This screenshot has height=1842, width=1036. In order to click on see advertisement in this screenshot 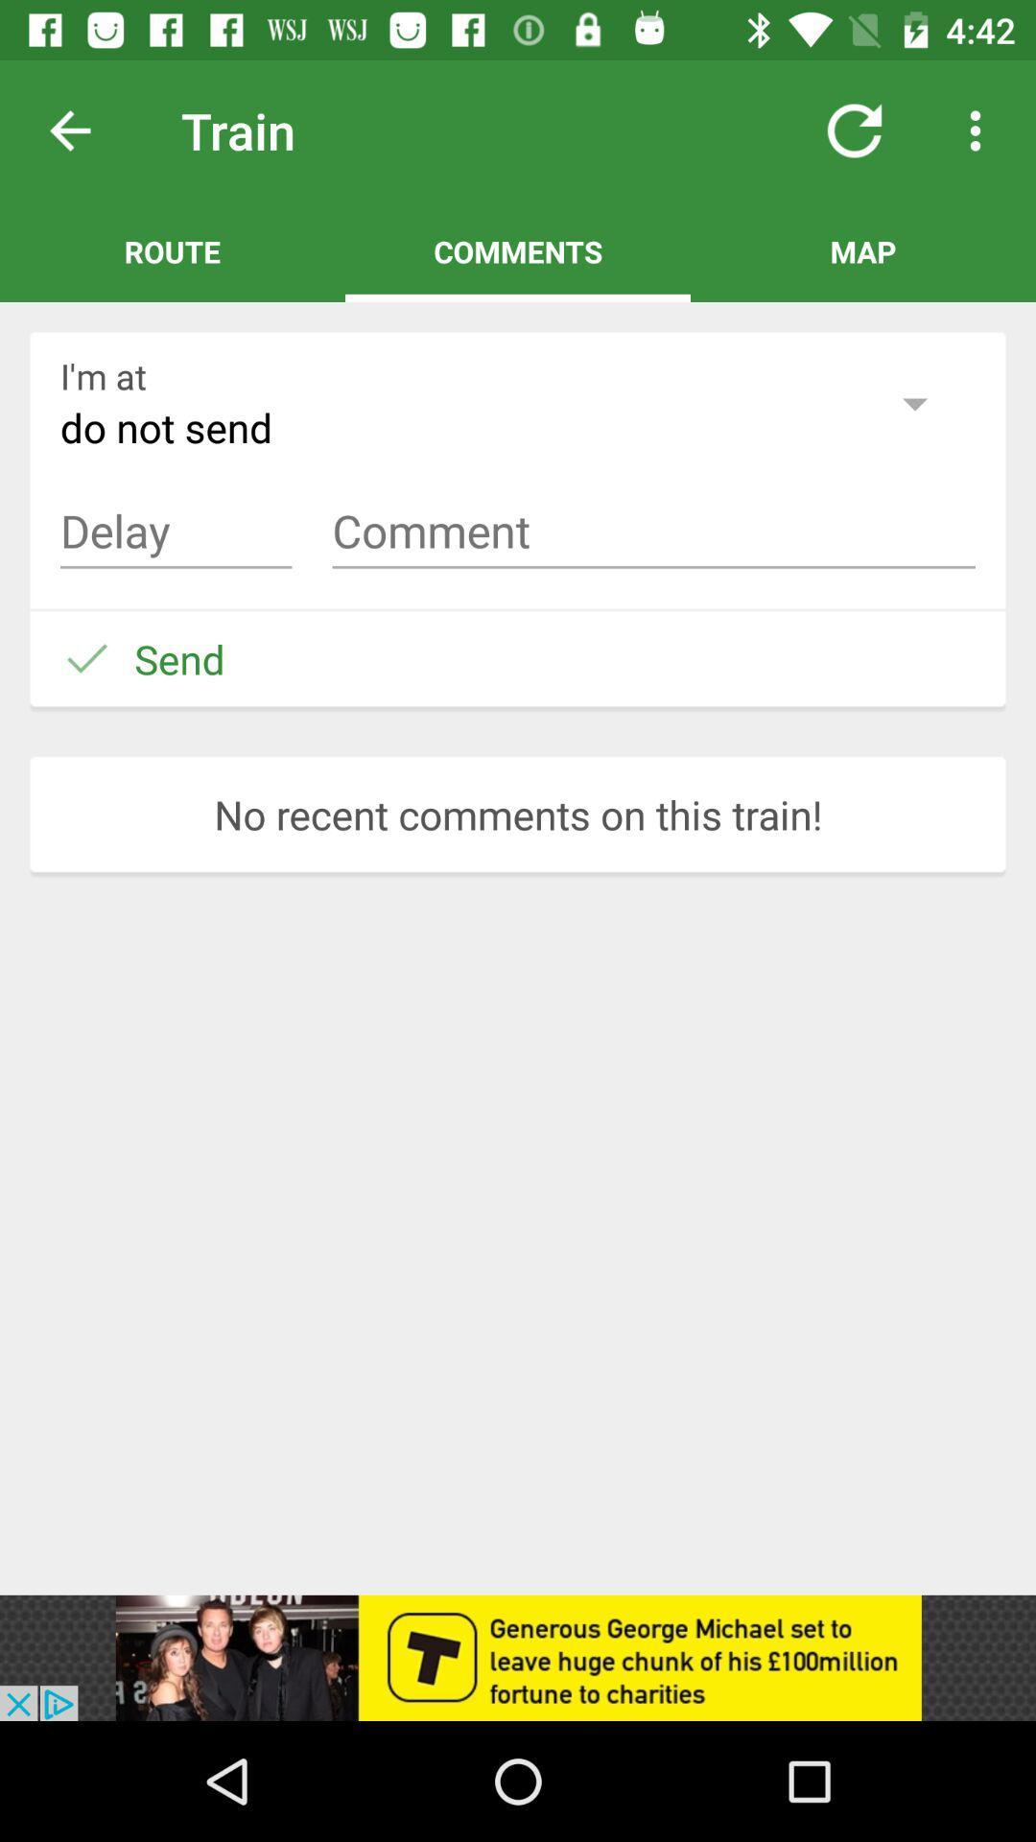, I will do `click(518, 1657)`.